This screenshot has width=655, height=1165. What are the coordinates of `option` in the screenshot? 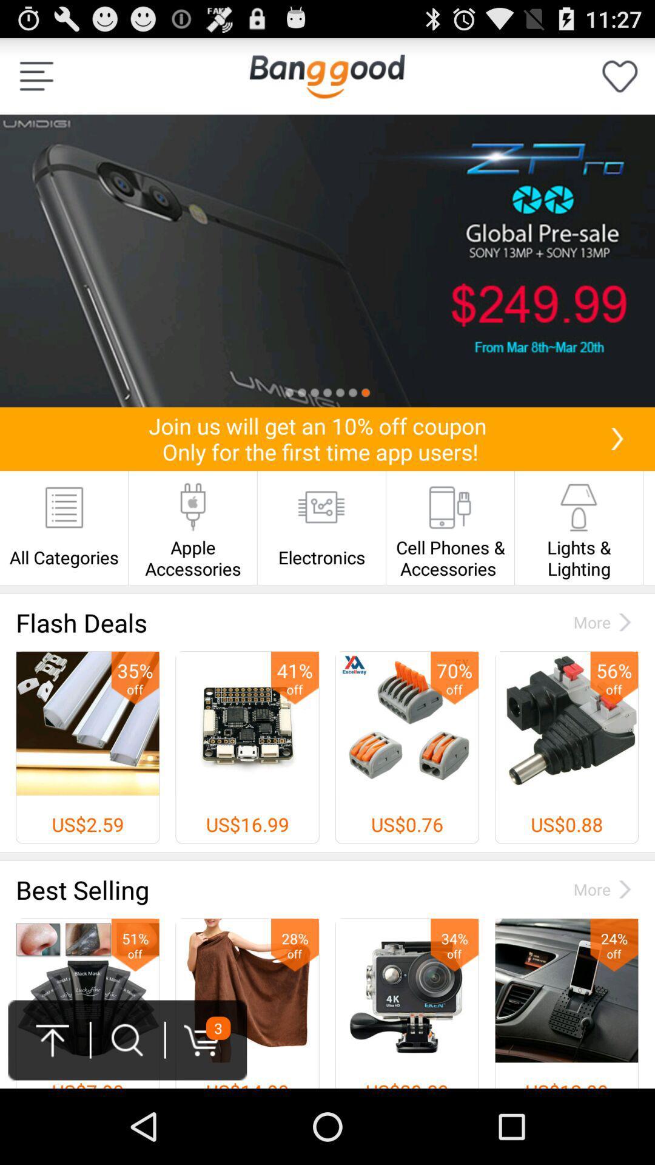 It's located at (36, 75).